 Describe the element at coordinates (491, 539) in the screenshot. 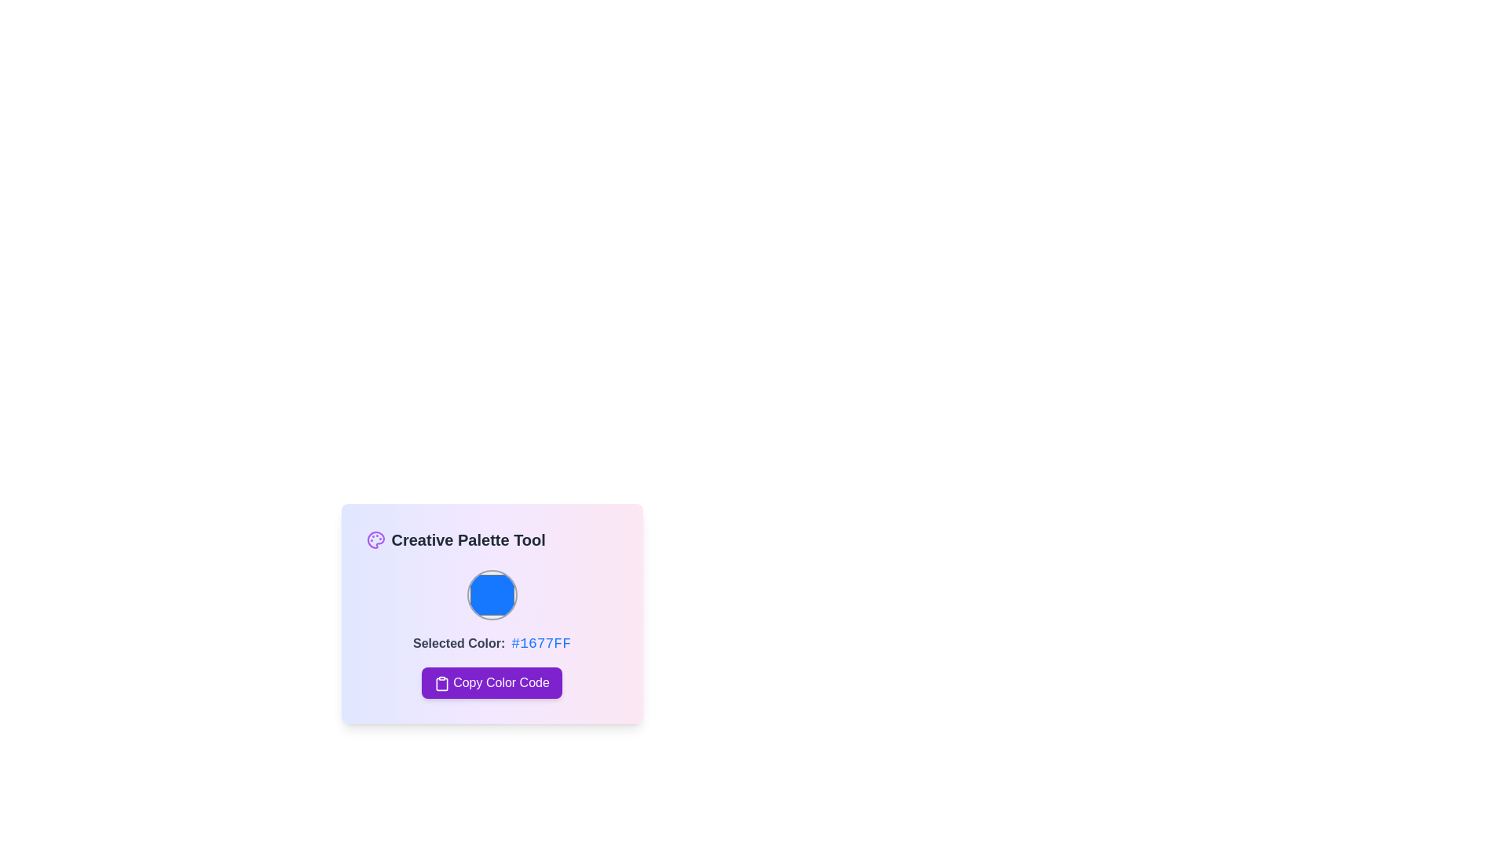

I see `header text with icon that provides context about the color management tool, located at the center of the card above the color picker` at that location.